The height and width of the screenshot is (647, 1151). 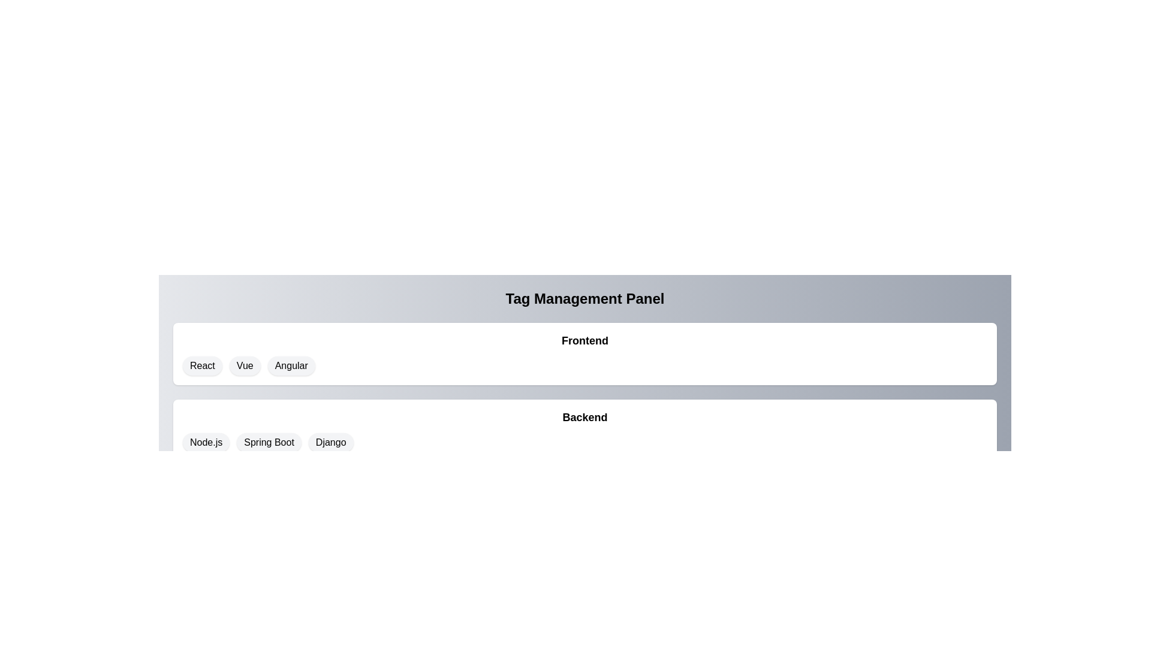 I want to click on the pill-shaped button labeled 'Vue', so click(x=244, y=365).